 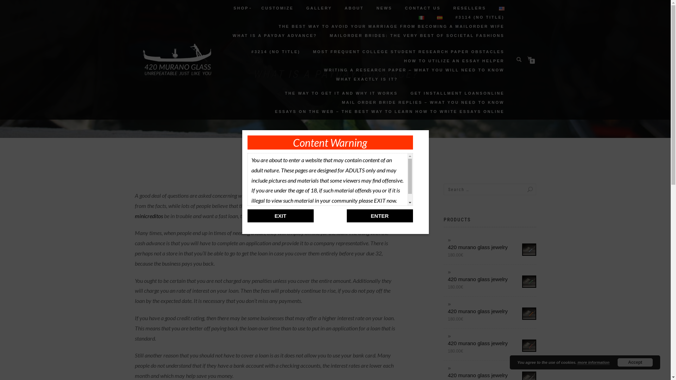 I want to click on 'Italiano (it_IT)', so click(x=421, y=17).